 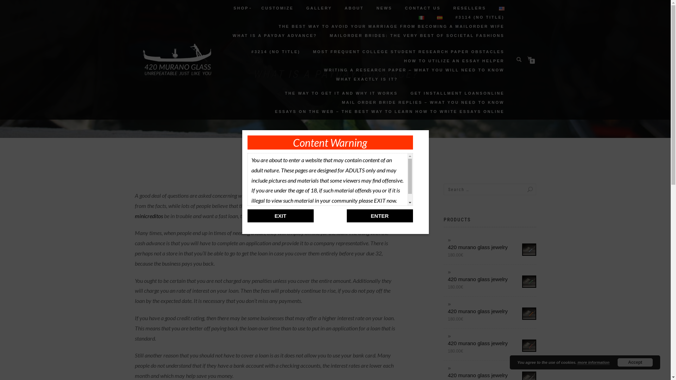 I want to click on 'Italiano (it_IT)', so click(x=421, y=17).